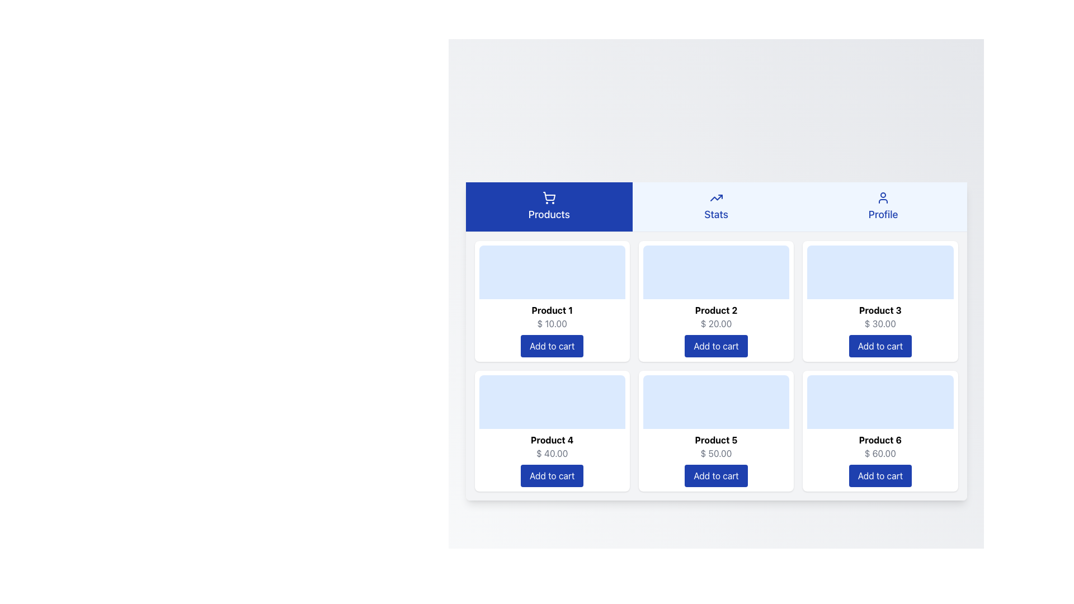 The height and width of the screenshot is (604, 1074). I want to click on the 'Stats' button located in the navigation bar, which has a light blue background and dark blue text with an upward trend arrow icon, so click(716, 206).